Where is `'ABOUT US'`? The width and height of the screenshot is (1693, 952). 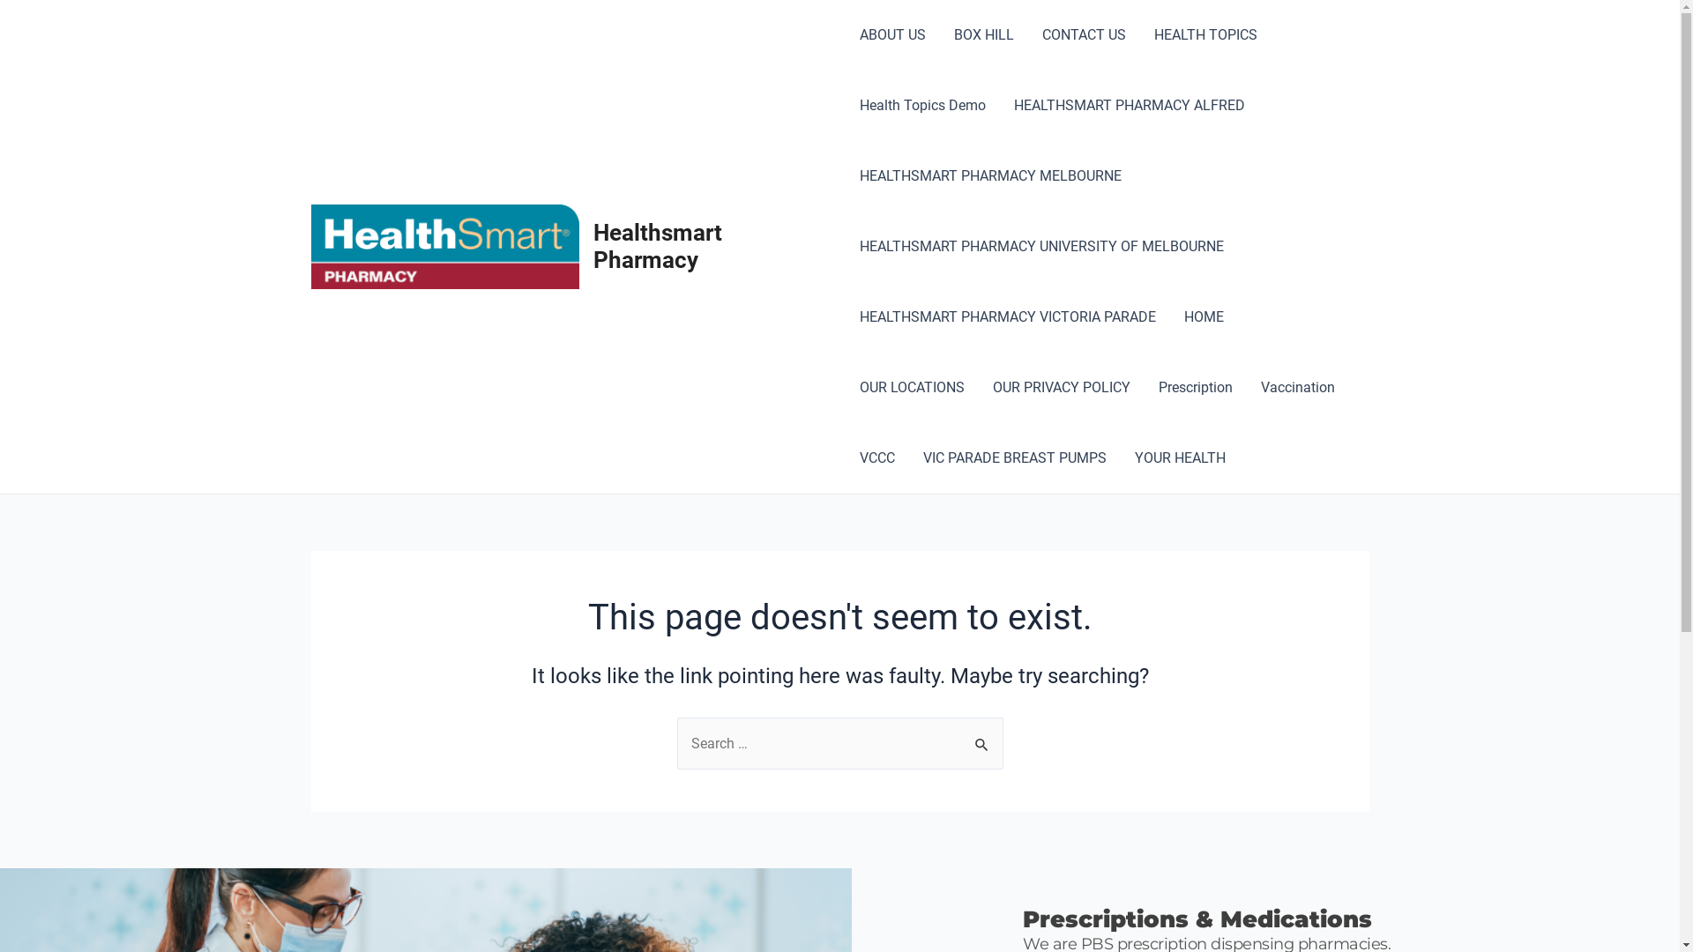
'ABOUT US' is located at coordinates (892, 34).